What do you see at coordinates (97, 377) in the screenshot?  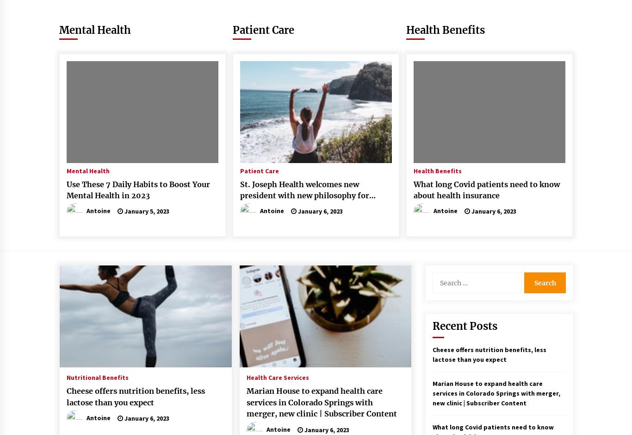 I see `'Nutritional Benefits'` at bounding box center [97, 377].